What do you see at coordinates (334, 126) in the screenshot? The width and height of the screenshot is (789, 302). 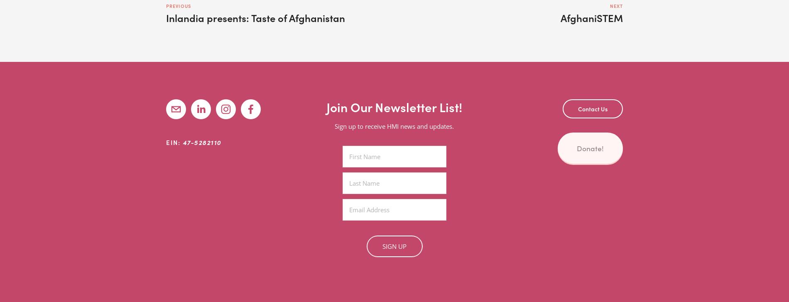 I see `'Sign up to receive HMI news and updates.'` at bounding box center [334, 126].